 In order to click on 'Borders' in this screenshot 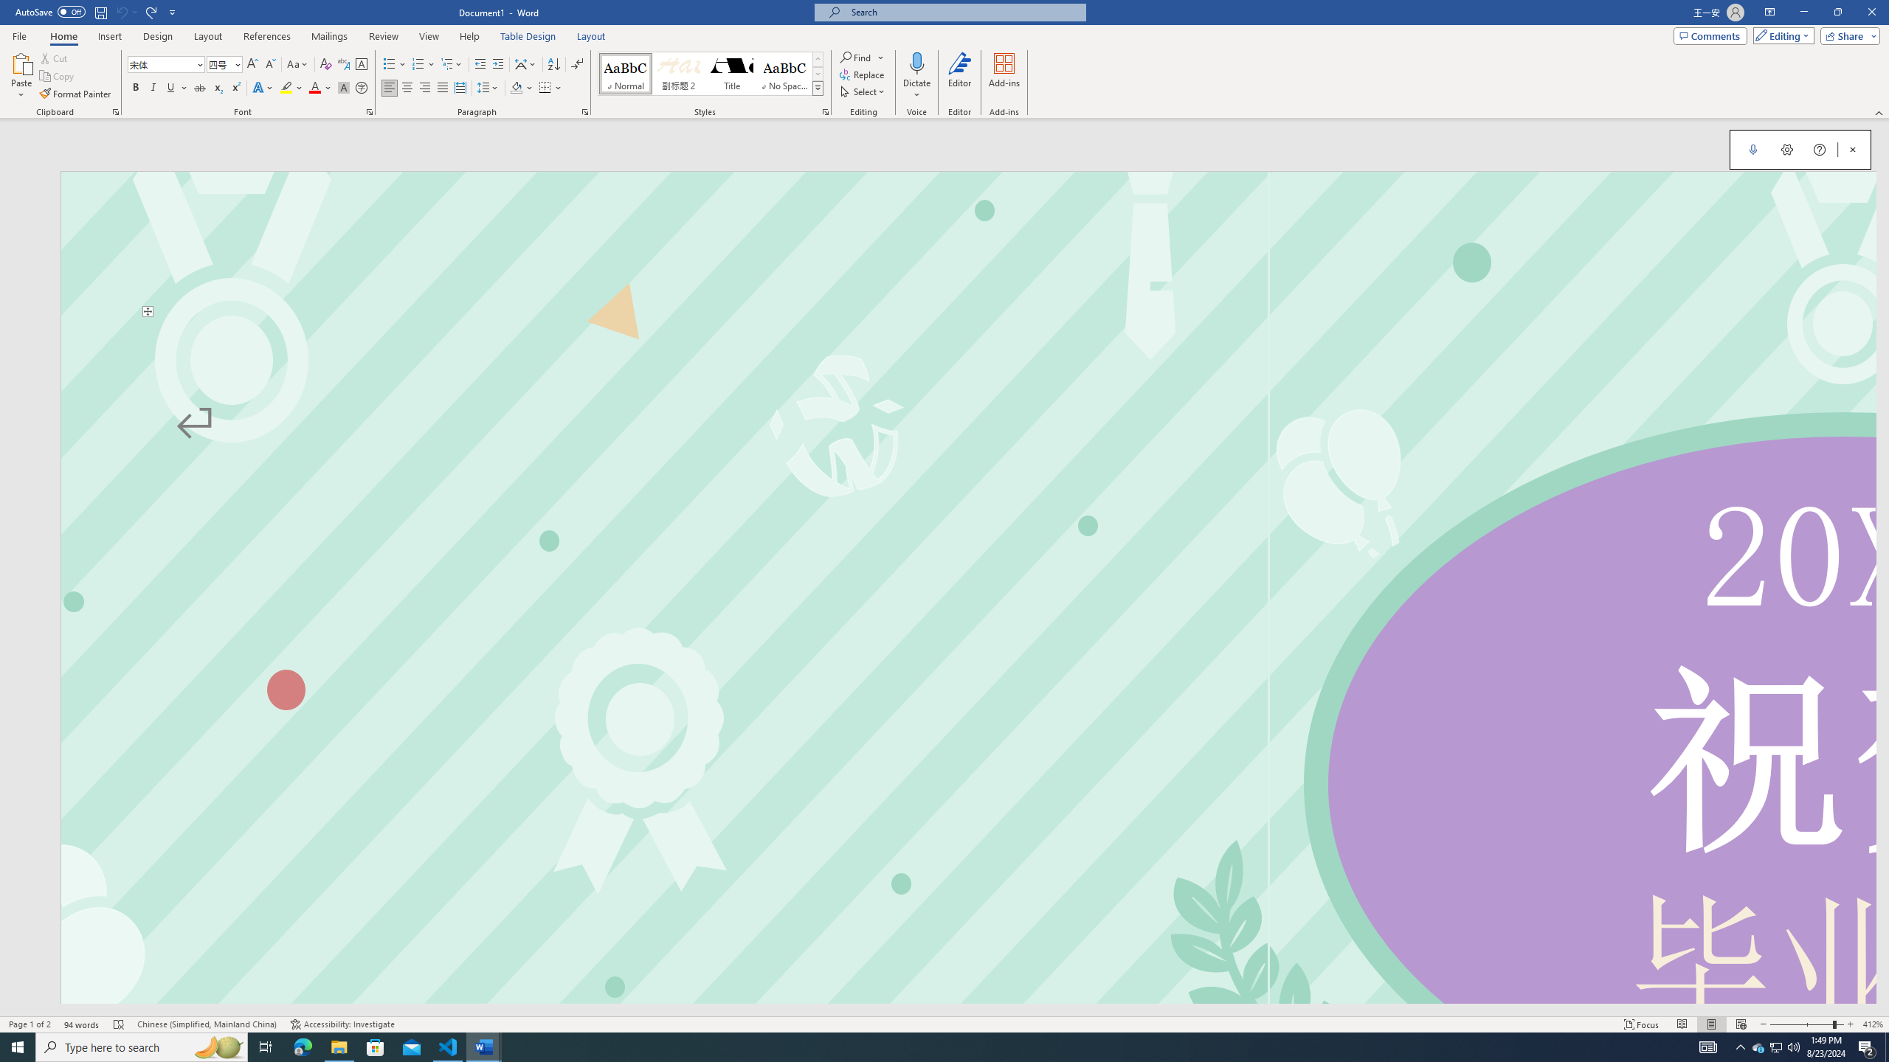, I will do `click(544, 87)`.